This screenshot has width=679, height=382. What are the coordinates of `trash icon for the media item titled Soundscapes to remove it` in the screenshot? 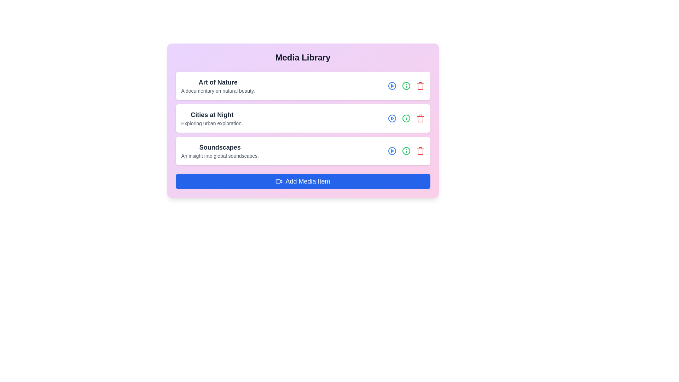 It's located at (420, 151).